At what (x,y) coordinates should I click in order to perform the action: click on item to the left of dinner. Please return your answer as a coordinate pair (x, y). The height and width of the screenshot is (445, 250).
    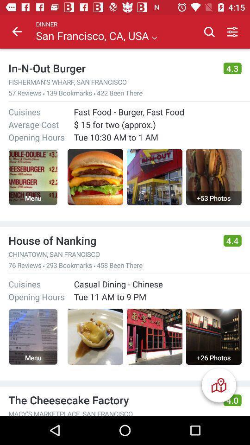
    Looking at the image, I should click on (17, 32).